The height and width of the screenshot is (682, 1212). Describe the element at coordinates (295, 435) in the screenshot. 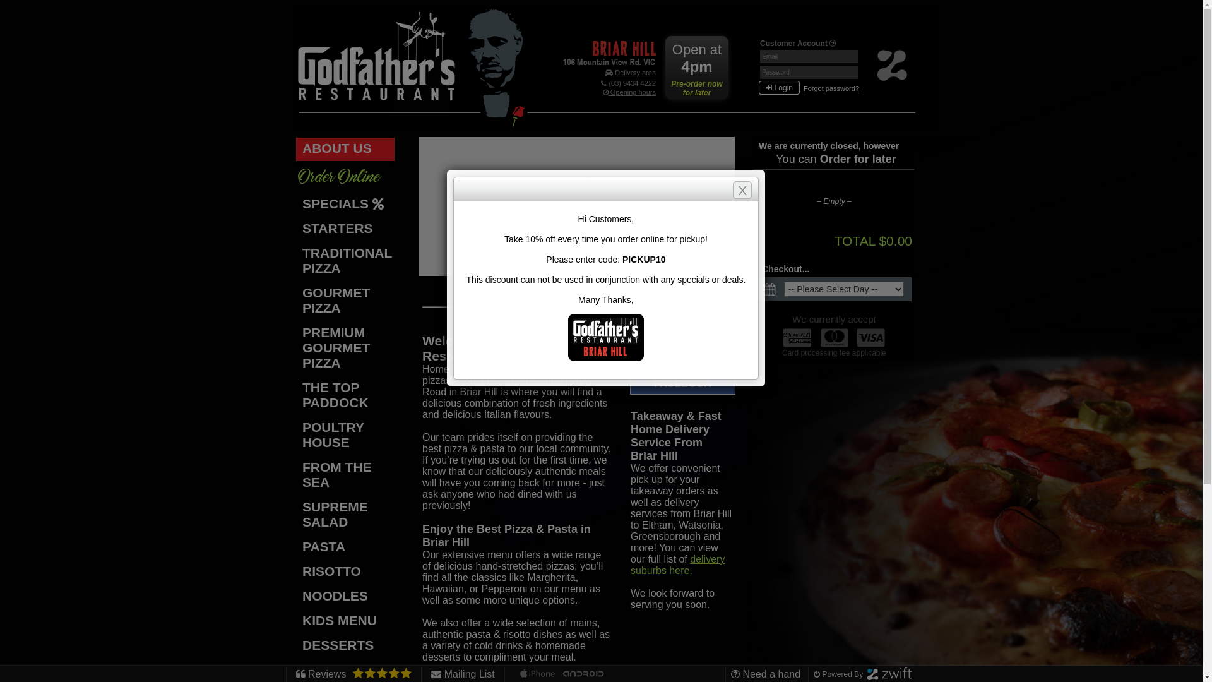

I see `'POULTRY HOUSE'` at that location.